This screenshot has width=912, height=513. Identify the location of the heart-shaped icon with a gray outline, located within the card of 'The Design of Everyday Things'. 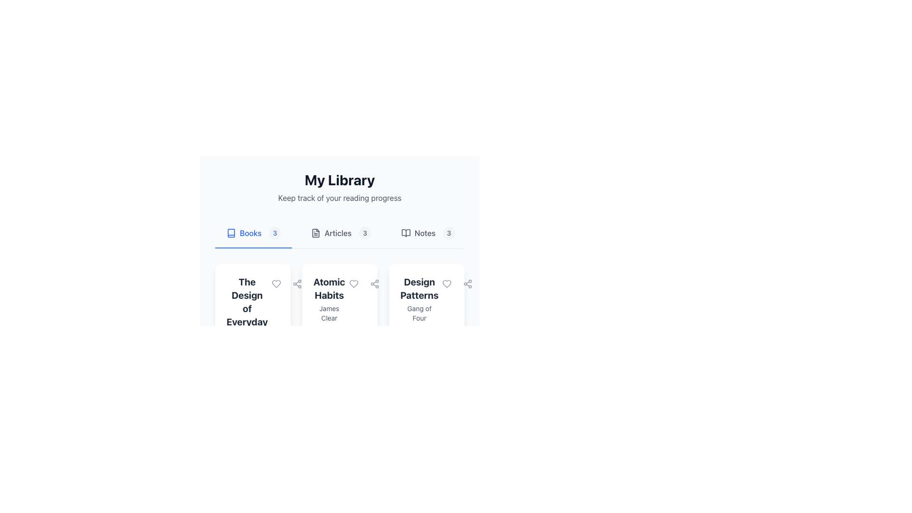
(275, 283).